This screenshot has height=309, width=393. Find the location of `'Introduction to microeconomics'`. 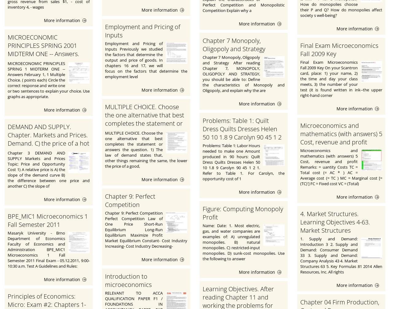

'Introduction to microeconomics' is located at coordinates (128, 280).